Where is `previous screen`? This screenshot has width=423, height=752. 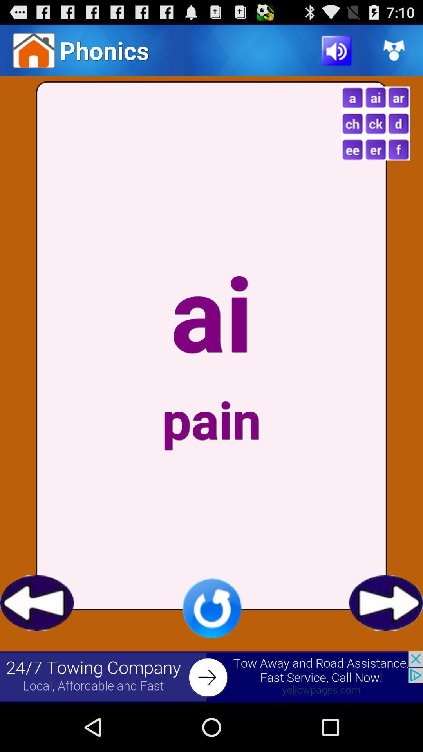 previous screen is located at coordinates (37, 602).